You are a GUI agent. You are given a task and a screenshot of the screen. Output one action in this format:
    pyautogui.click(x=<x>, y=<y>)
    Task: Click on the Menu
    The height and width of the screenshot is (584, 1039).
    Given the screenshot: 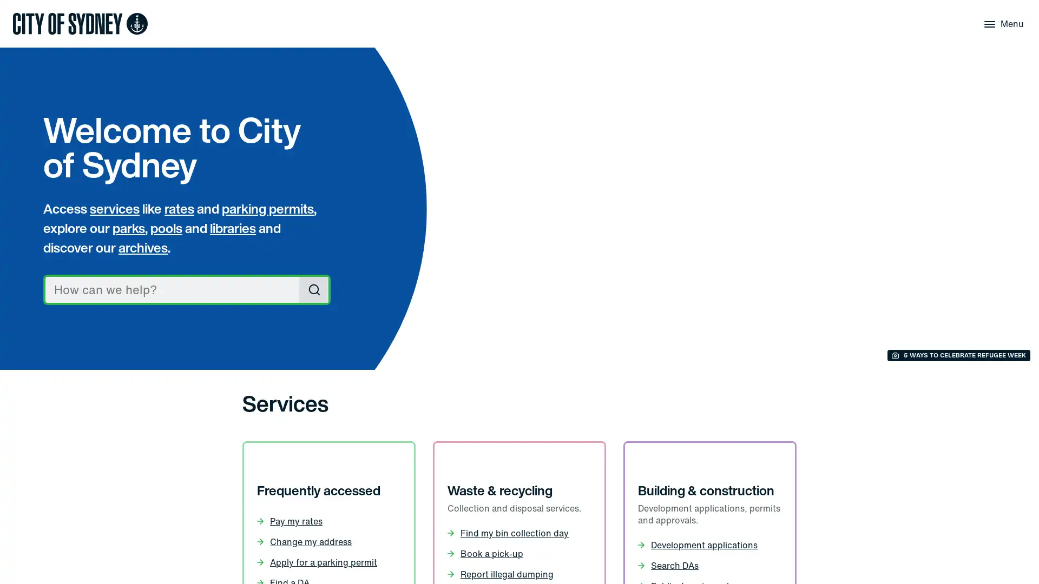 What is the action you would take?
    pyautogui.click(x=1002, y=23)
    